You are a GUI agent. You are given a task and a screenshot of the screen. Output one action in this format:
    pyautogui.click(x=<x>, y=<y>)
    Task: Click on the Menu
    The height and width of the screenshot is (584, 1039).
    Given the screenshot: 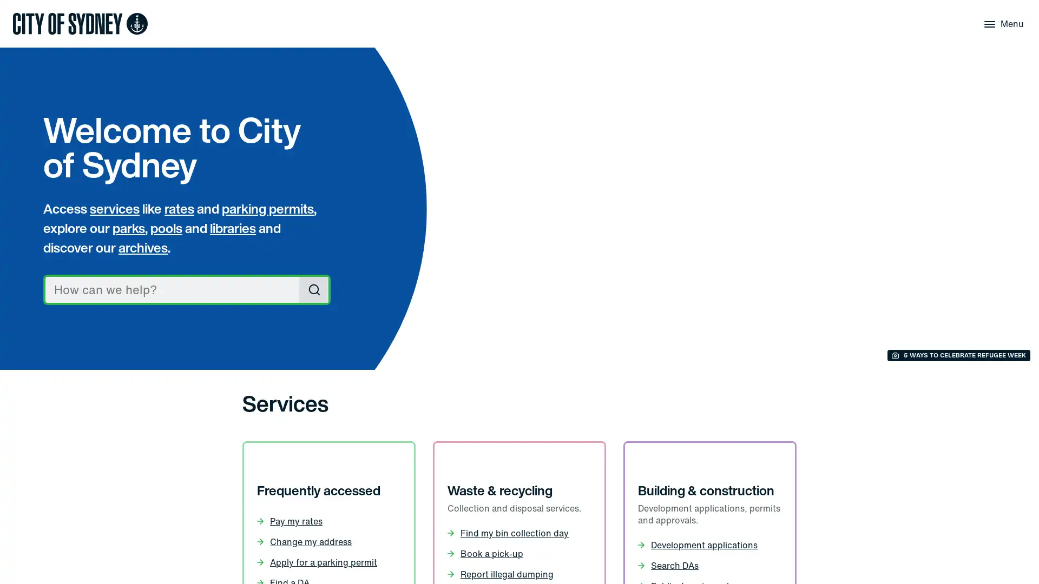 What is the action you would take?
    pyautogui.click(x=1002, y=23)
    